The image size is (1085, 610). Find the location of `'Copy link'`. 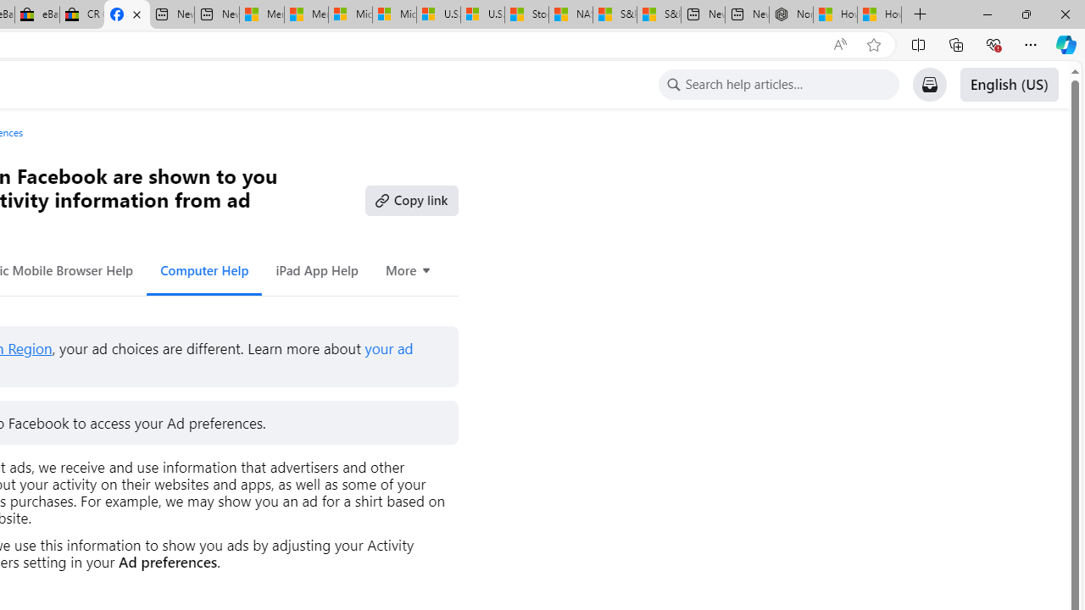

'Copy link' is located at coordinates (411, 199).